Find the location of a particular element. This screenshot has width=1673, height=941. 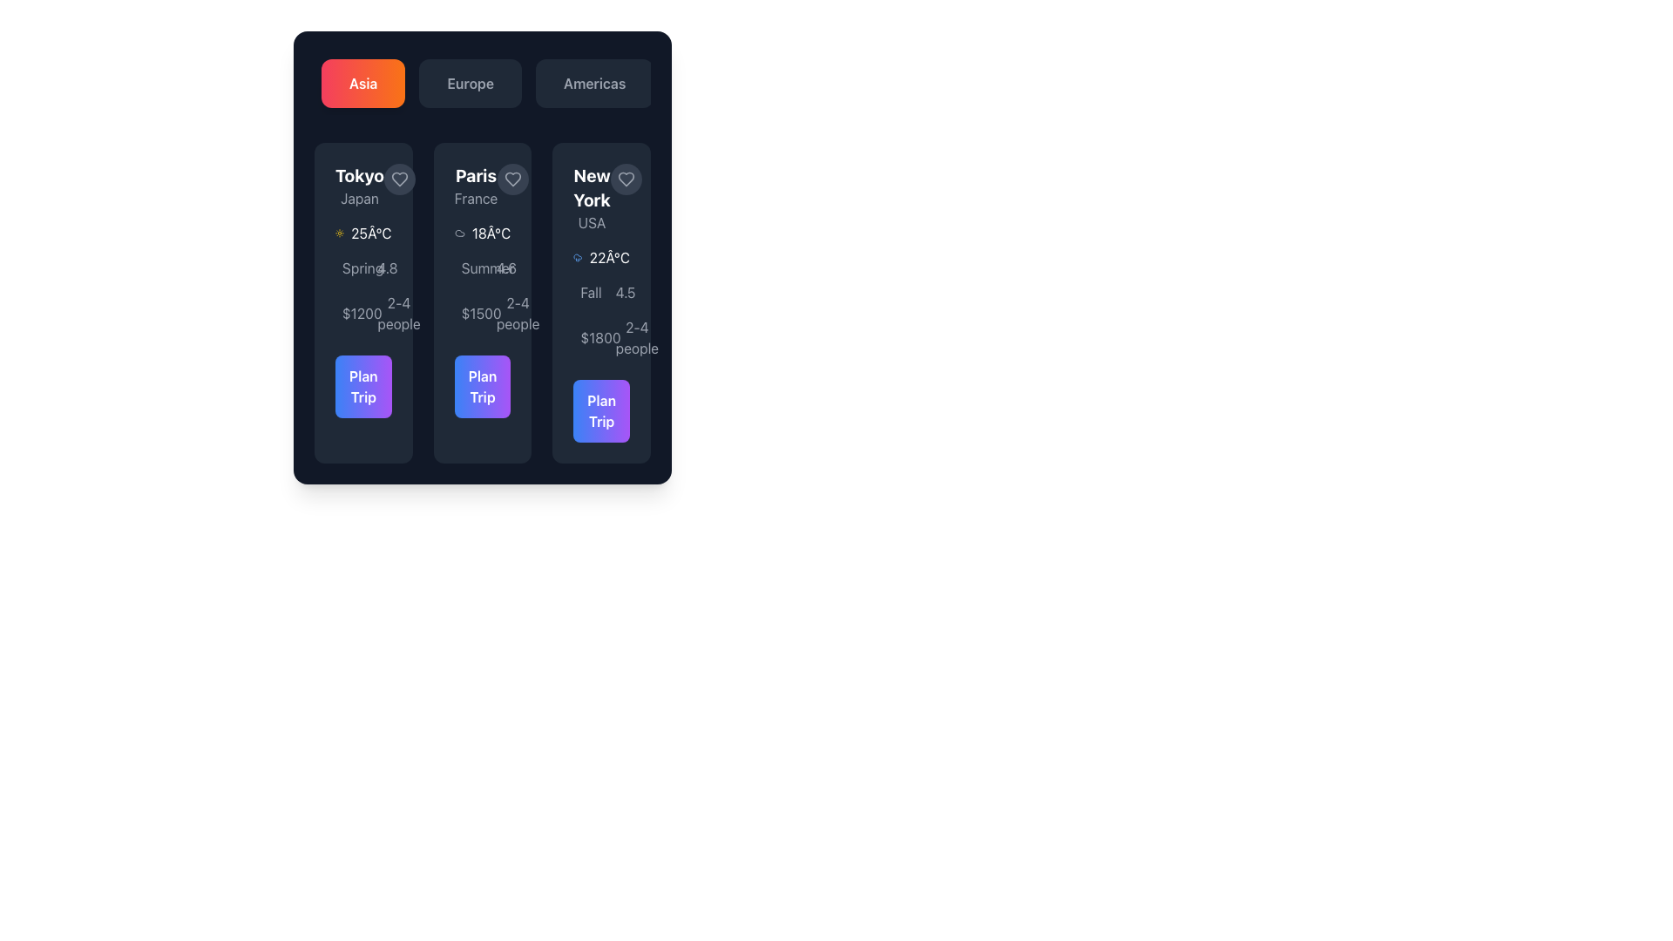

the 'Asia' tab in the Tab Bar is located at coordinates (482, 84).